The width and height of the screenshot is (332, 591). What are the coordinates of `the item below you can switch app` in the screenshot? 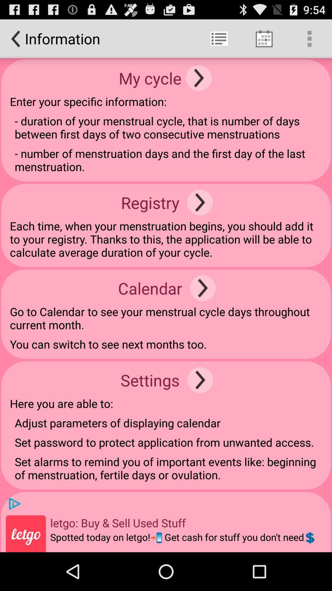 It's located at (200, 380).